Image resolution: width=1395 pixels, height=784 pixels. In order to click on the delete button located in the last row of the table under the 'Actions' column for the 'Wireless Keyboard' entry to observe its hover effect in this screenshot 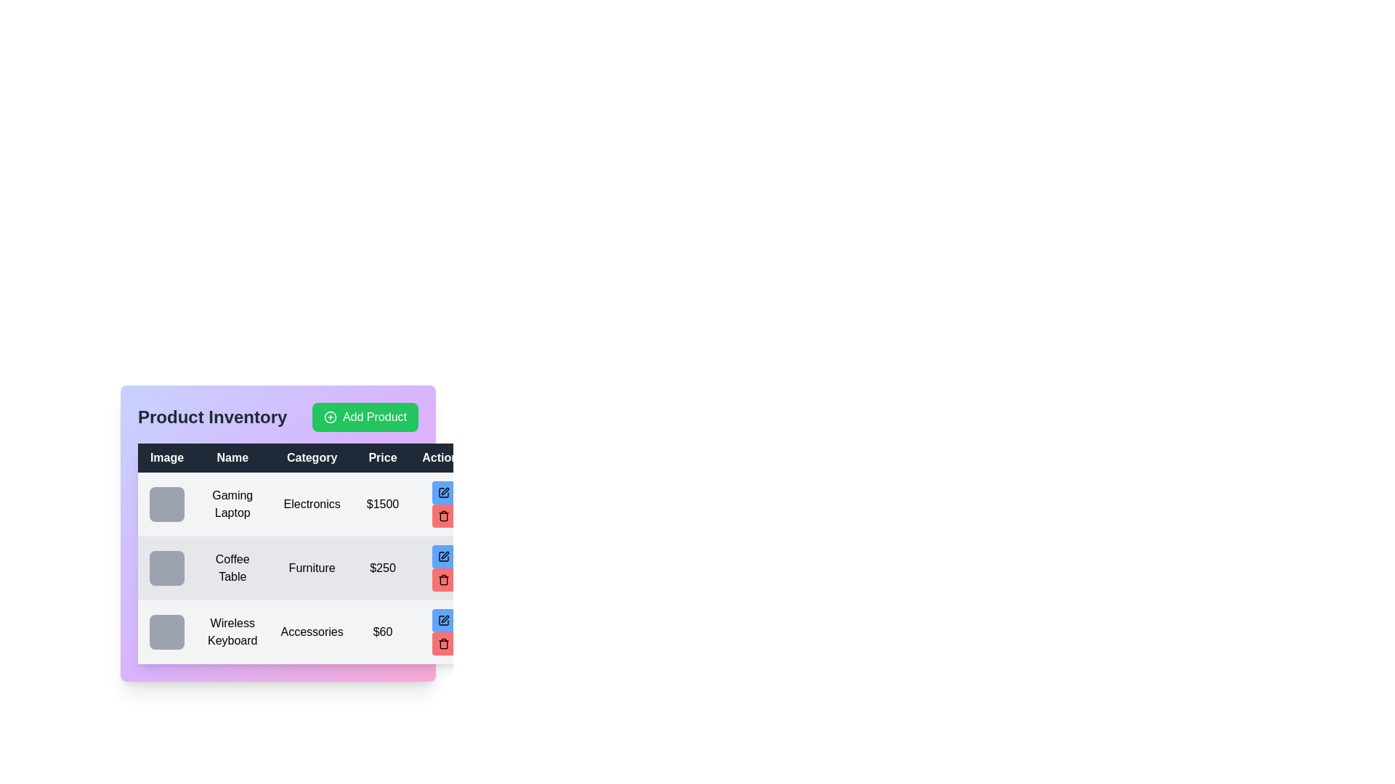, I will do `click(442, 632)`.